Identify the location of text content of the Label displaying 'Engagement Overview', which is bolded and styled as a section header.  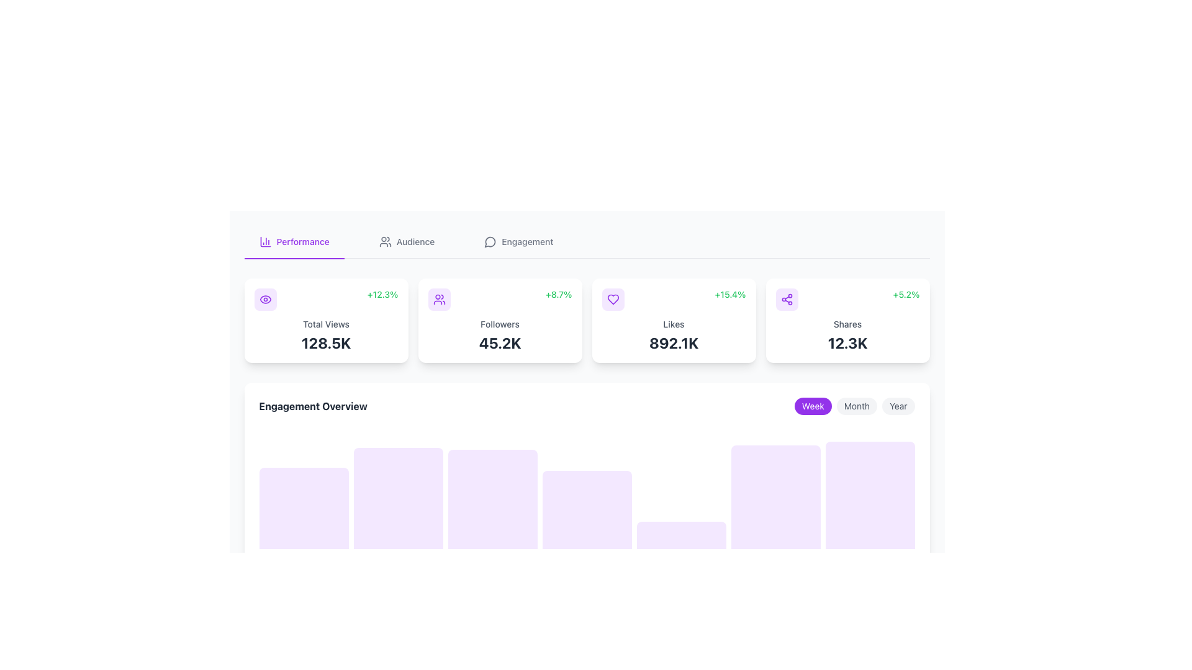
(313, 406).